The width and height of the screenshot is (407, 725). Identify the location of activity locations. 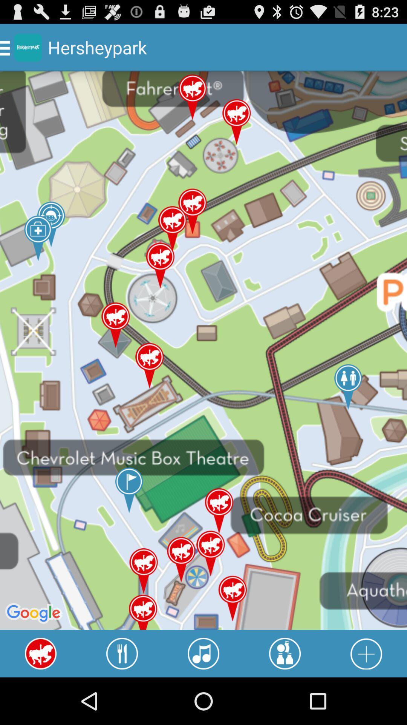
(285, 653).